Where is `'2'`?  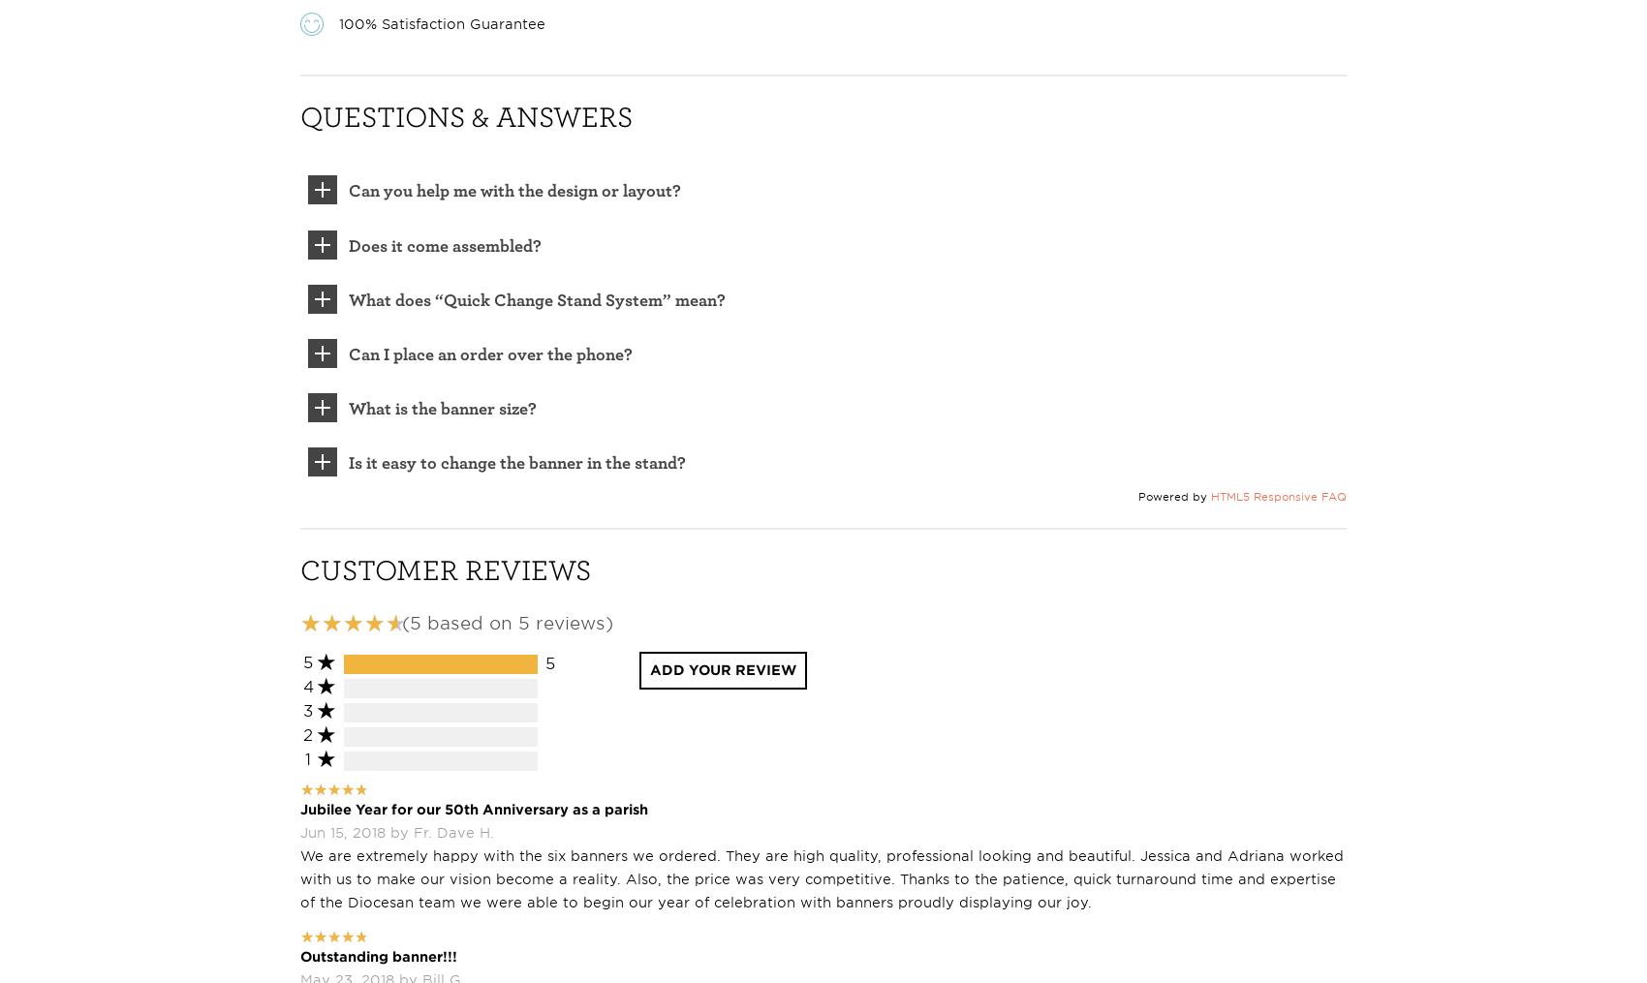 '2' is located at coordinates (308, 733).